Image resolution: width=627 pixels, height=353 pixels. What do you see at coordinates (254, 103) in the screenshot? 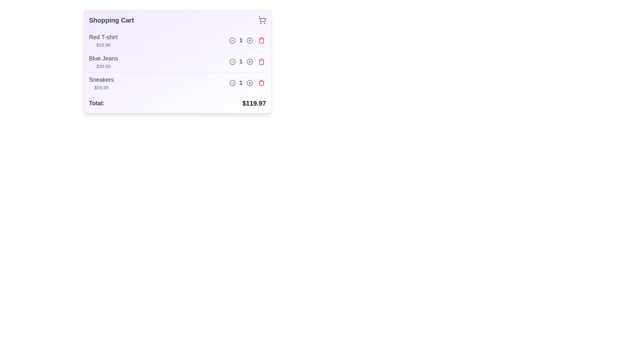
I see `the large, bold text displaying the monetary value '$119.97', which is styled in dark gray and positioned to the right of the label 'Total:' on a light purple background` at bounding box center [254, 103].